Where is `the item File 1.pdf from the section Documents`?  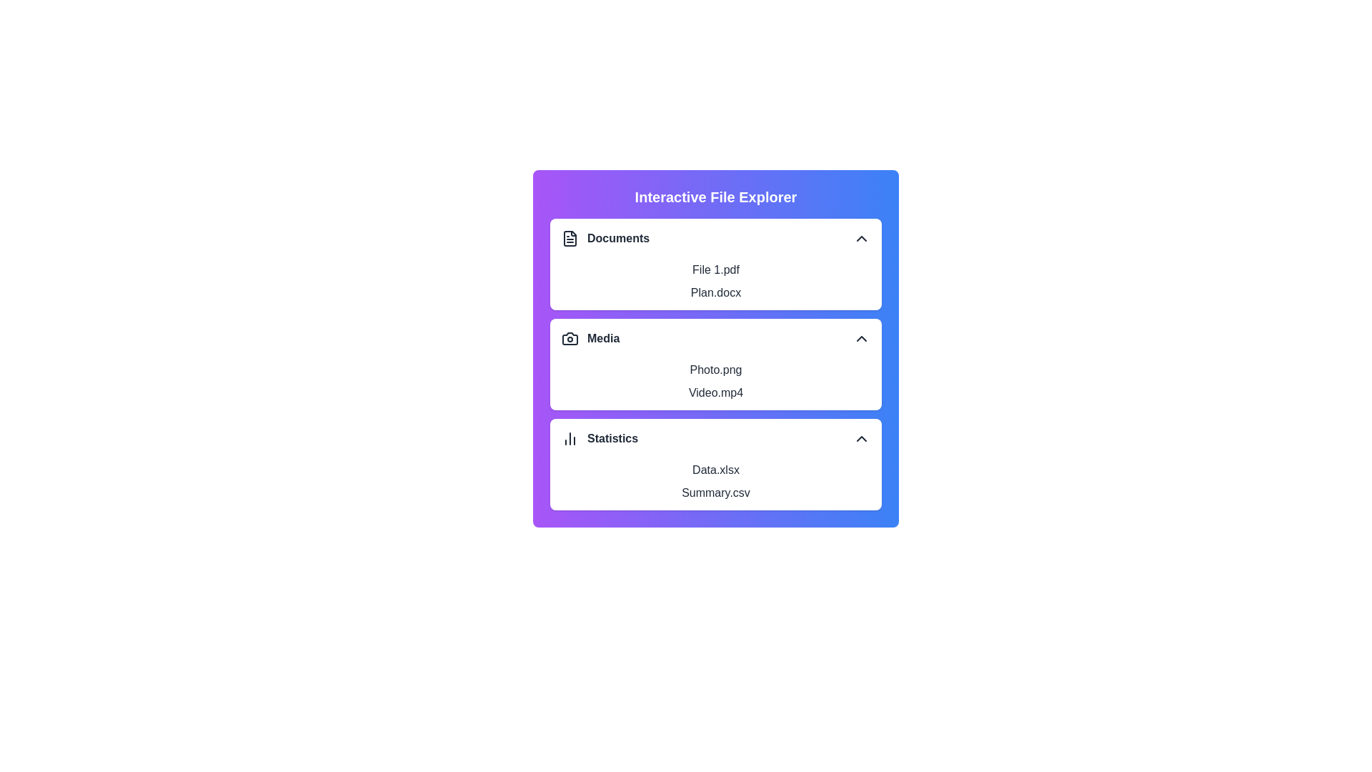
the item File 1.pdf from the section Documents is located at coordinates (716, 270).